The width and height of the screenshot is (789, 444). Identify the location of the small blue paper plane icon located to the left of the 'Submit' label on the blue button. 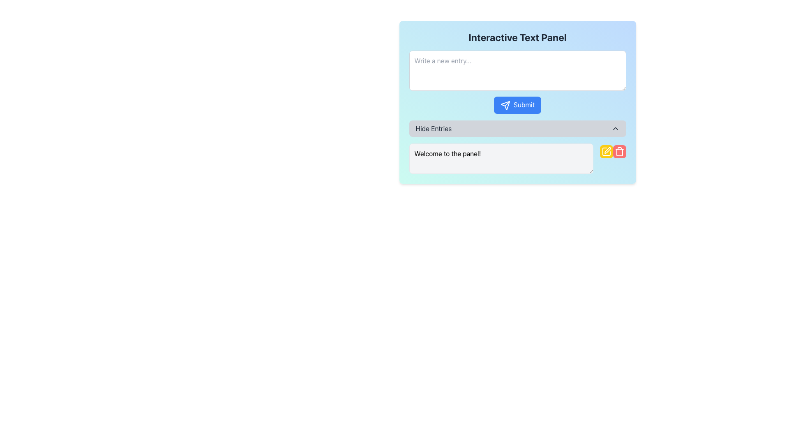
(505, 105).